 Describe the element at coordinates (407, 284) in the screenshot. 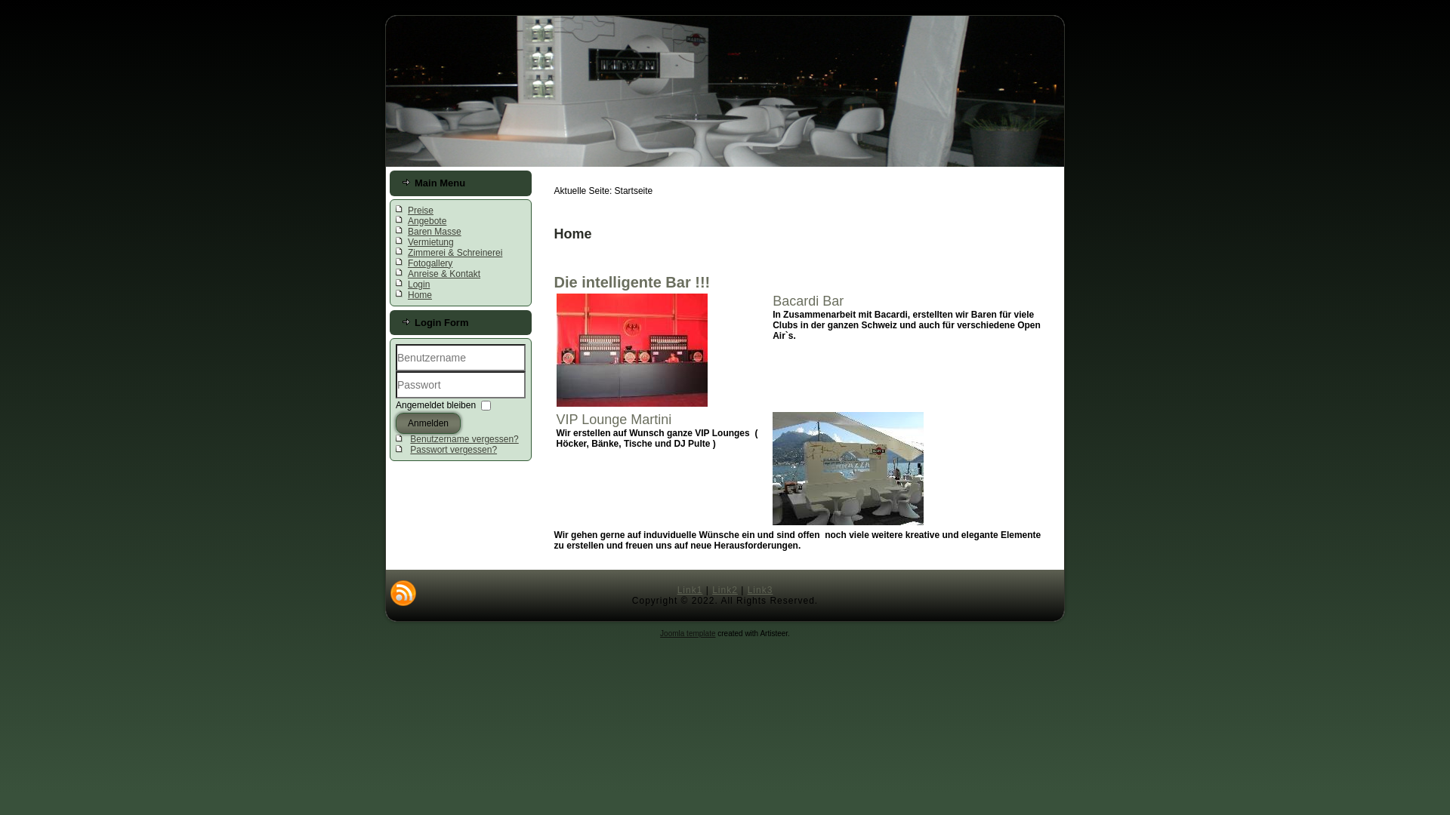

I see `'Login'` at that location.